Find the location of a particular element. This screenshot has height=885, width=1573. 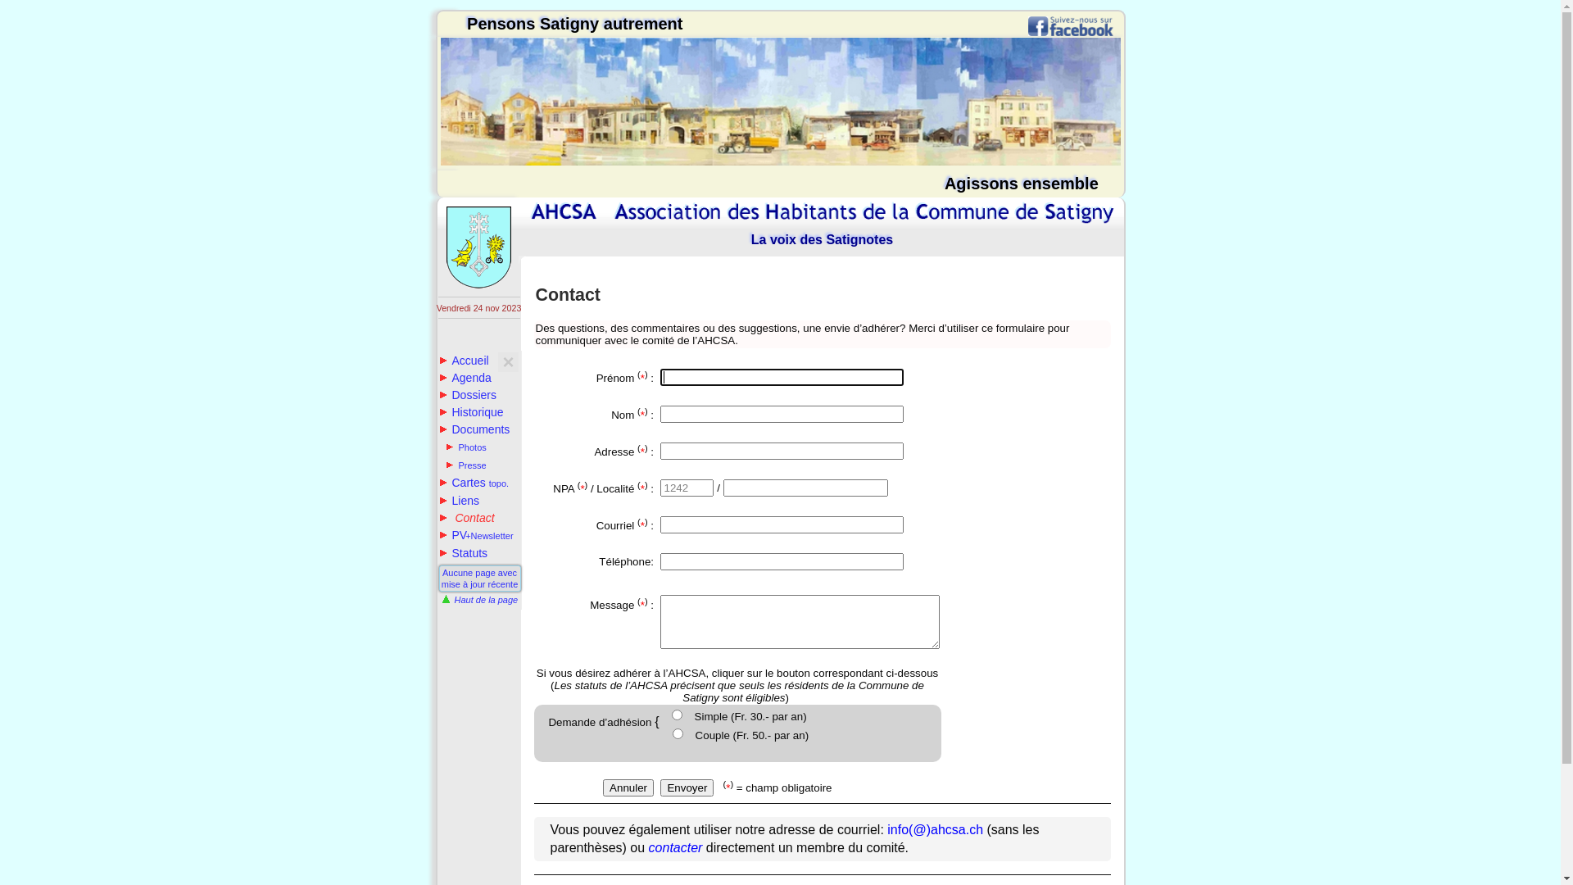

'Envoyer' is located at coordinates (687, 787).